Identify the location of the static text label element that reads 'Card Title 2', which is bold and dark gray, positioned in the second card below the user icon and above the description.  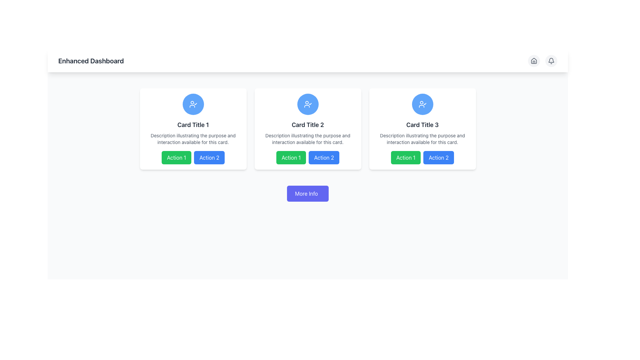
(307, 125).